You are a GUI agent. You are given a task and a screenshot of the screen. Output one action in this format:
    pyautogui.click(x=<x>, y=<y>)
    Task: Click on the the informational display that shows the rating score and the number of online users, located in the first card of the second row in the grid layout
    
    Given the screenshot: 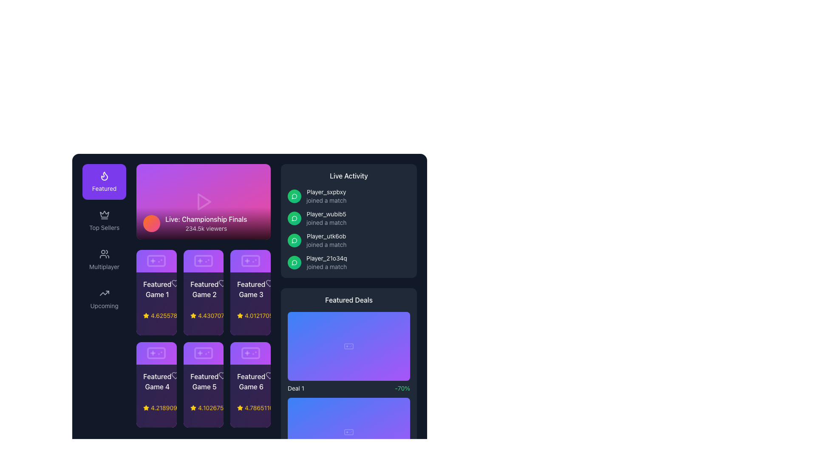 What is the action you would take?
    pyautogui.click(x=186, y=315)
    